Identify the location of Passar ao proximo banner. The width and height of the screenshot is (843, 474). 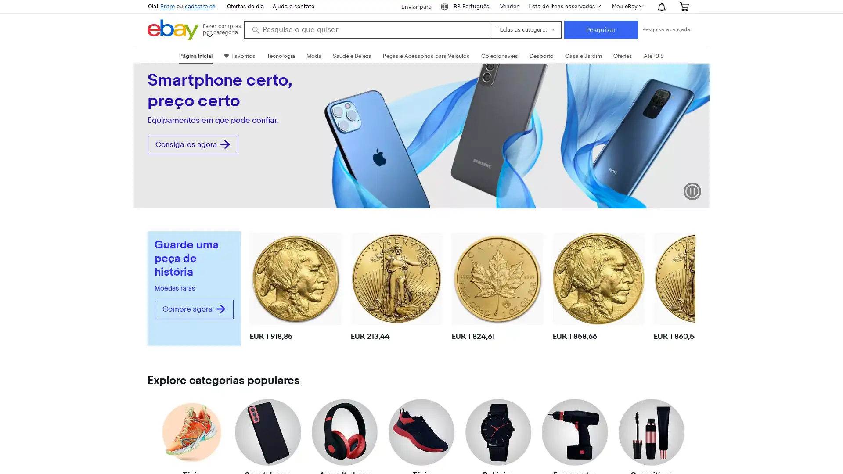
(702, 139).